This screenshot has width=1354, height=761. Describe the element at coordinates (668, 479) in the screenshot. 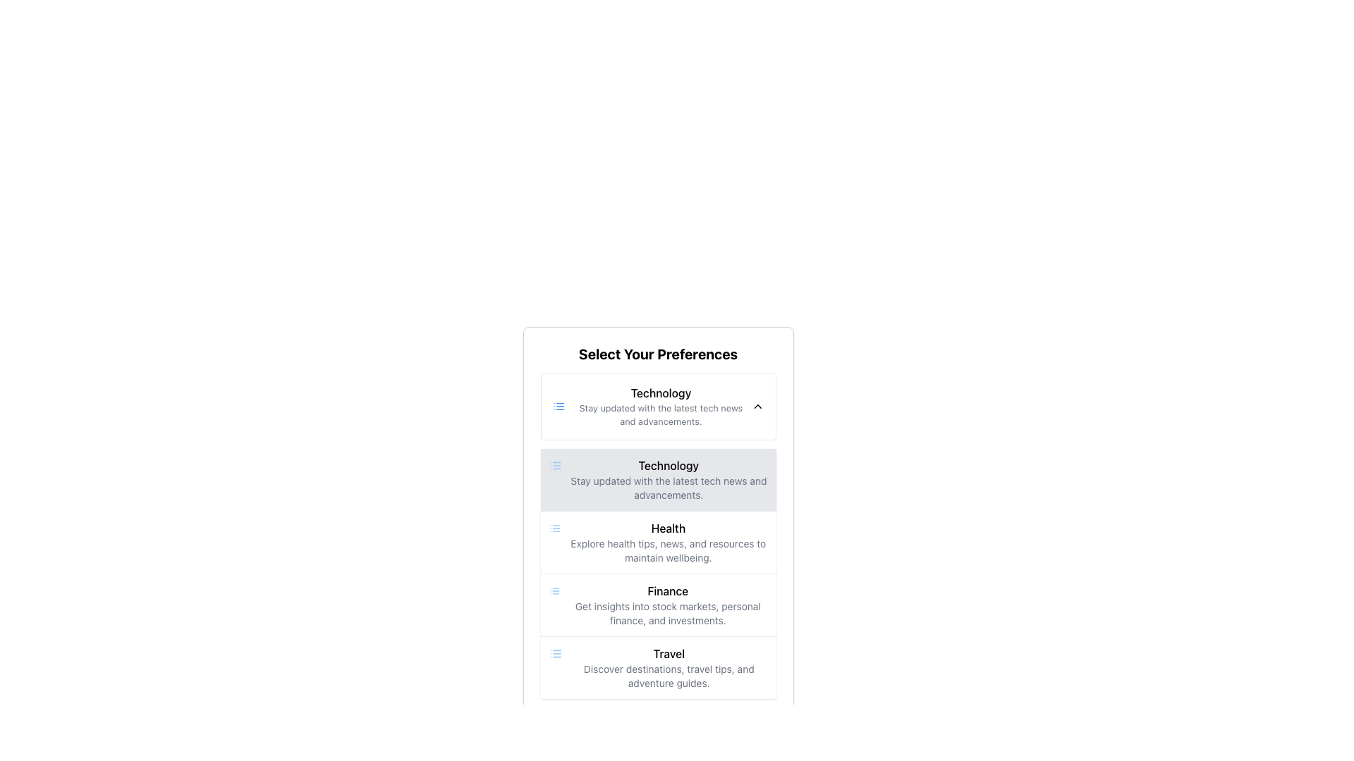

I see `the informative text block detailing 'Technology' in the 'Select Your Preferences' interface, located in the second row of the list` at that location.